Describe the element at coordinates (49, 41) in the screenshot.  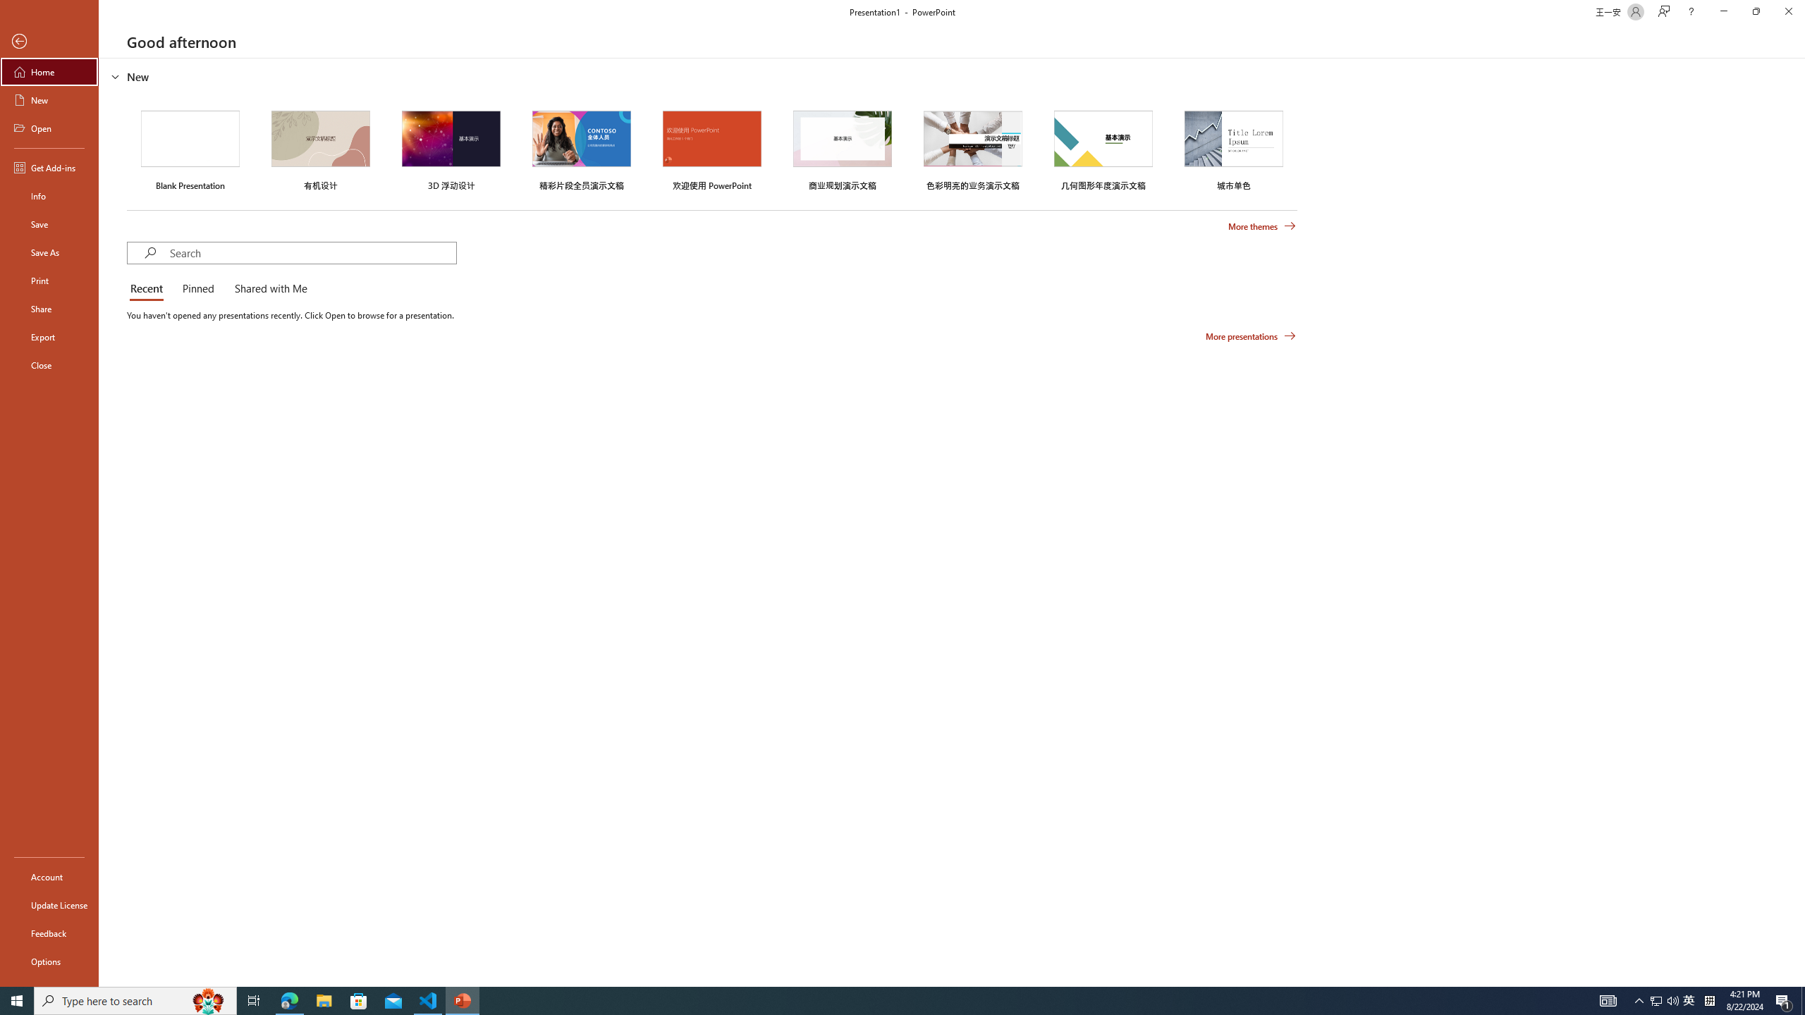
I see `'Back'` at that location.